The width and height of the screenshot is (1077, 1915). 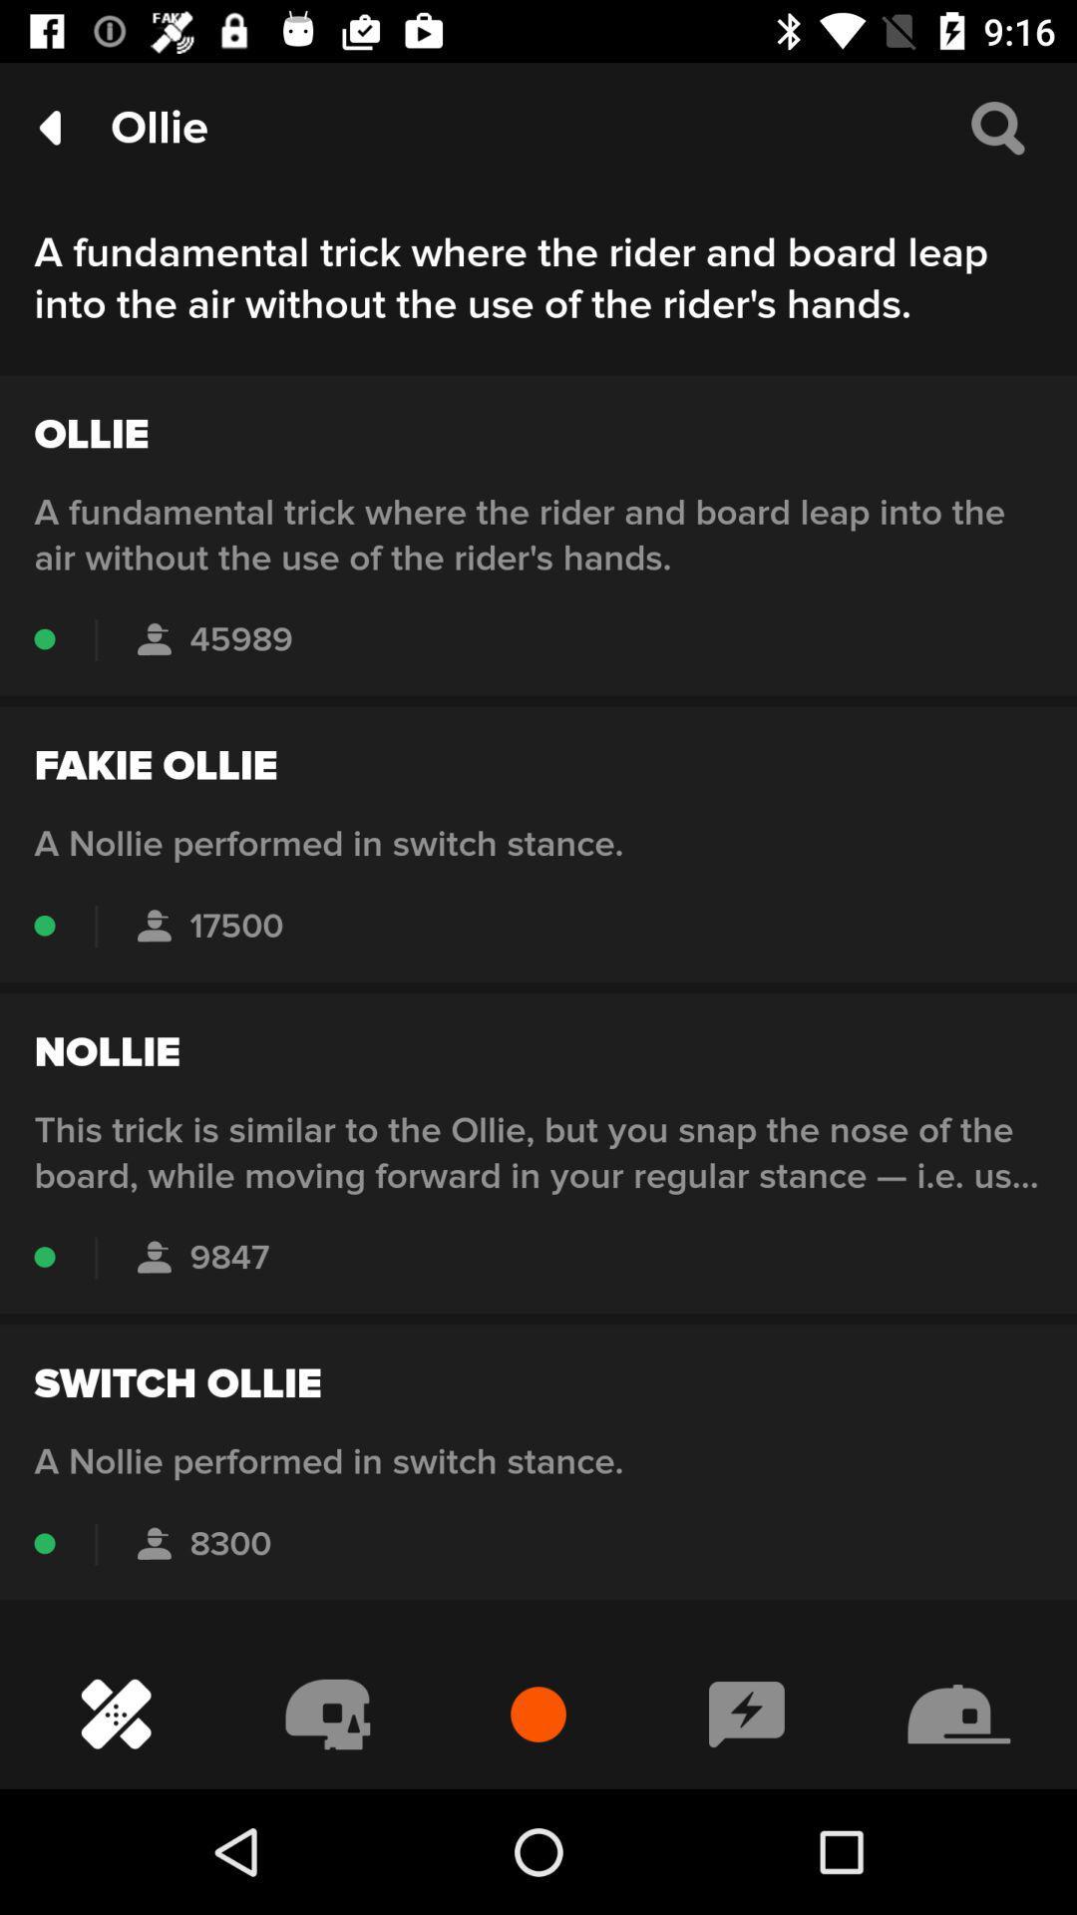 What do you see at coordinates (49, 127) in the screenshot?
I see `the arrow_backward icon` at bounding box center [49, 127].